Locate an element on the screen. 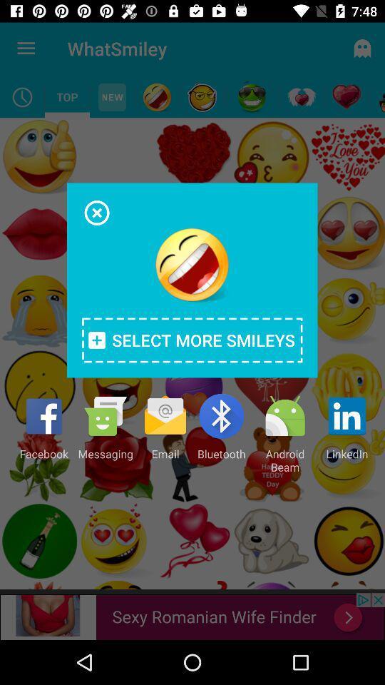 Image resolution: width=385 pixels, height=685 pixels. exit popup is located at coordinates (96, 212).